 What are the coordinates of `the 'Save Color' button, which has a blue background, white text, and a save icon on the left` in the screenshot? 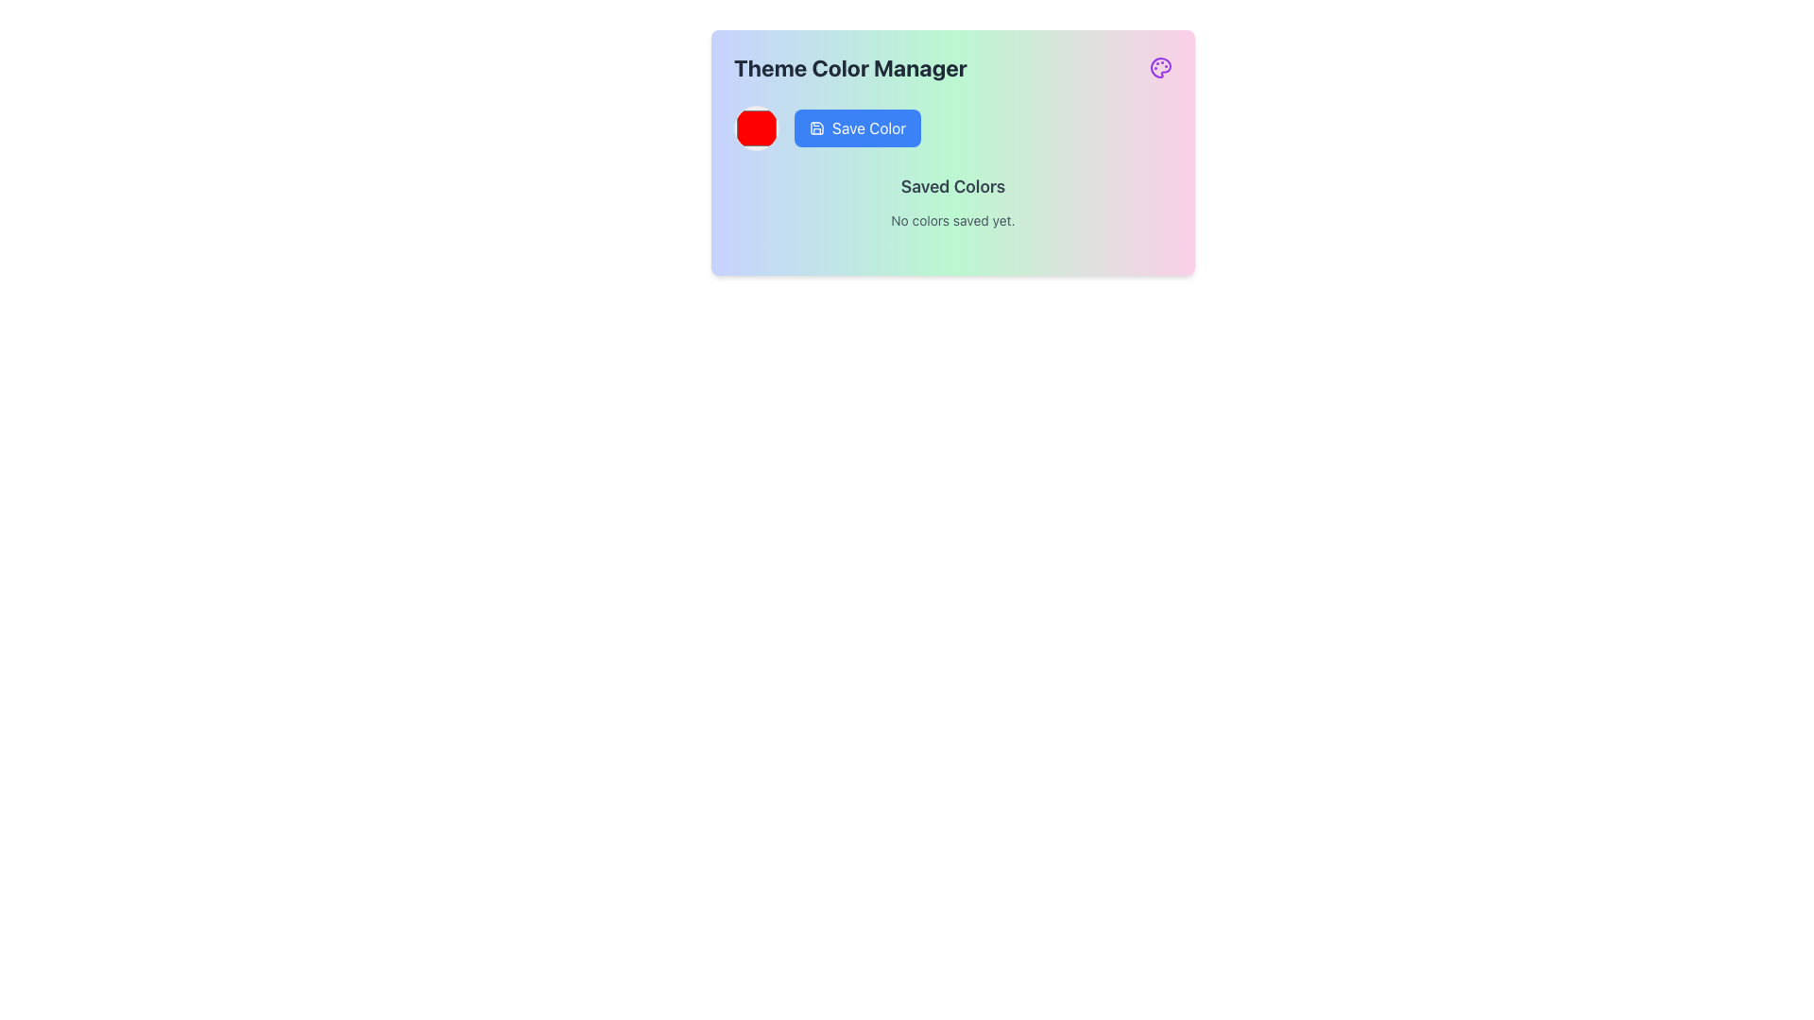 It's located at (856, 127).